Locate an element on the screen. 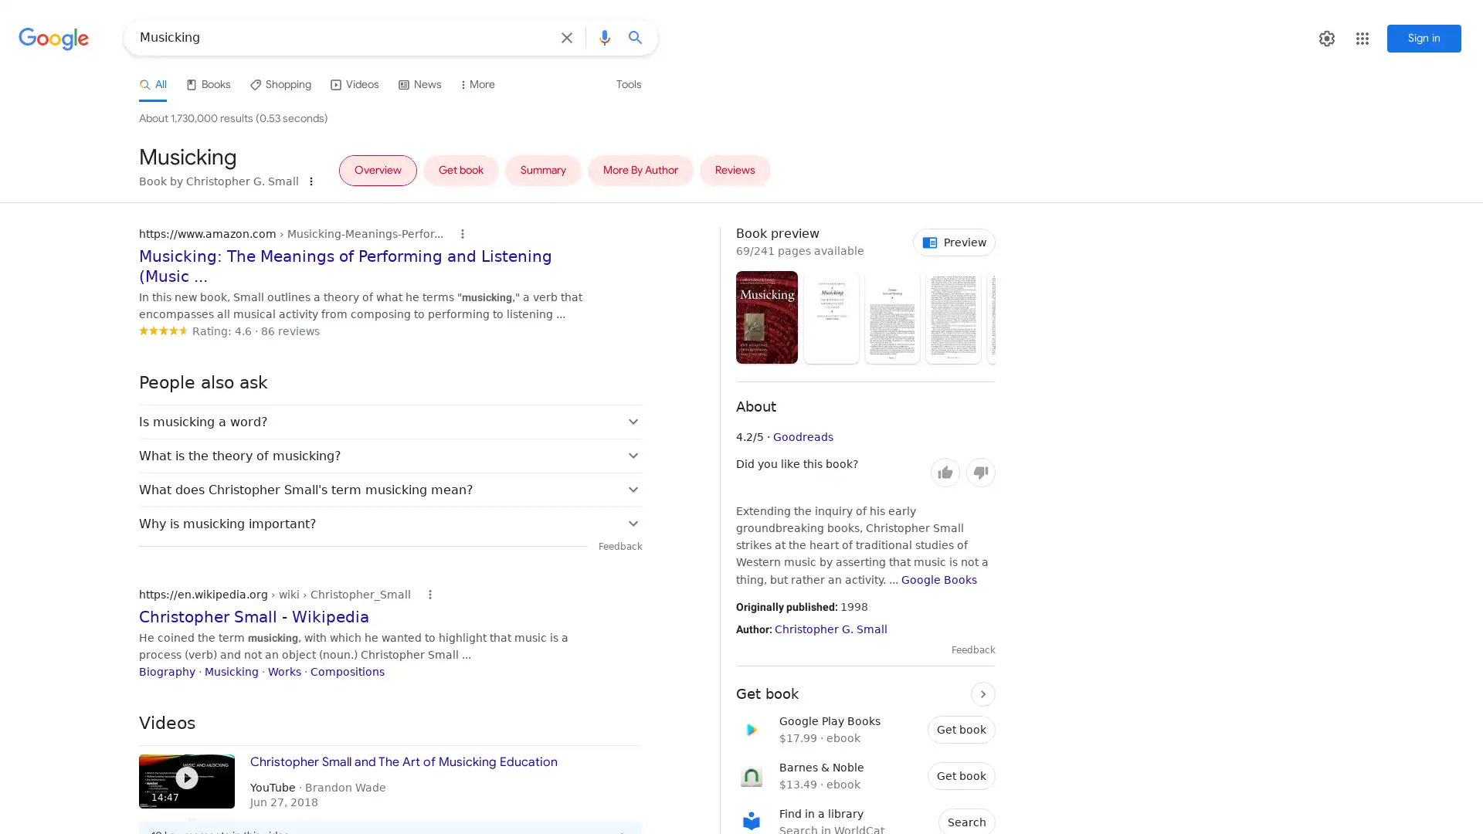 The width and height of the screenshot is (1483, 834). Is musicking a word? is located at coordinates (390, 421).